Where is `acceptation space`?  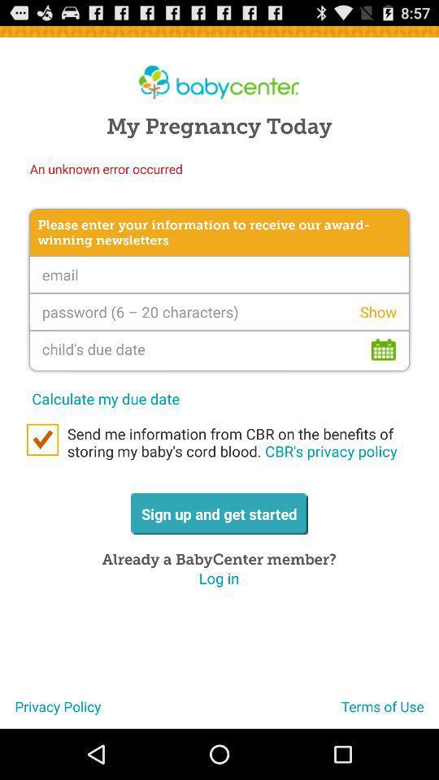
acceptation space is located at coordinates (42, 440).